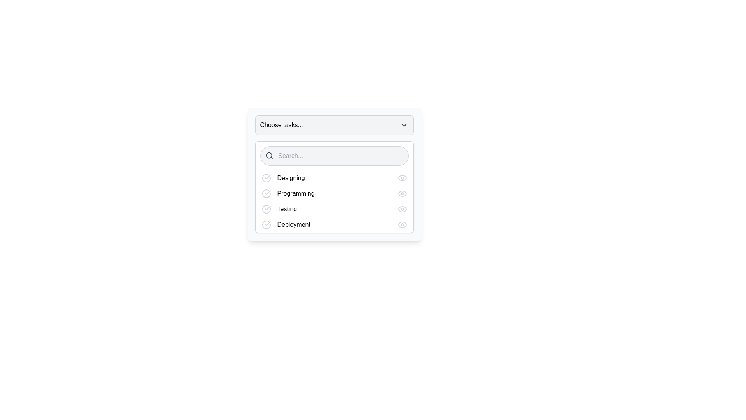 The width and height of the screenshot is (746, 420). Describe the element at coordinates (334, 193) in the screenshot. I see `the 'Programming' task in the list` at that location.